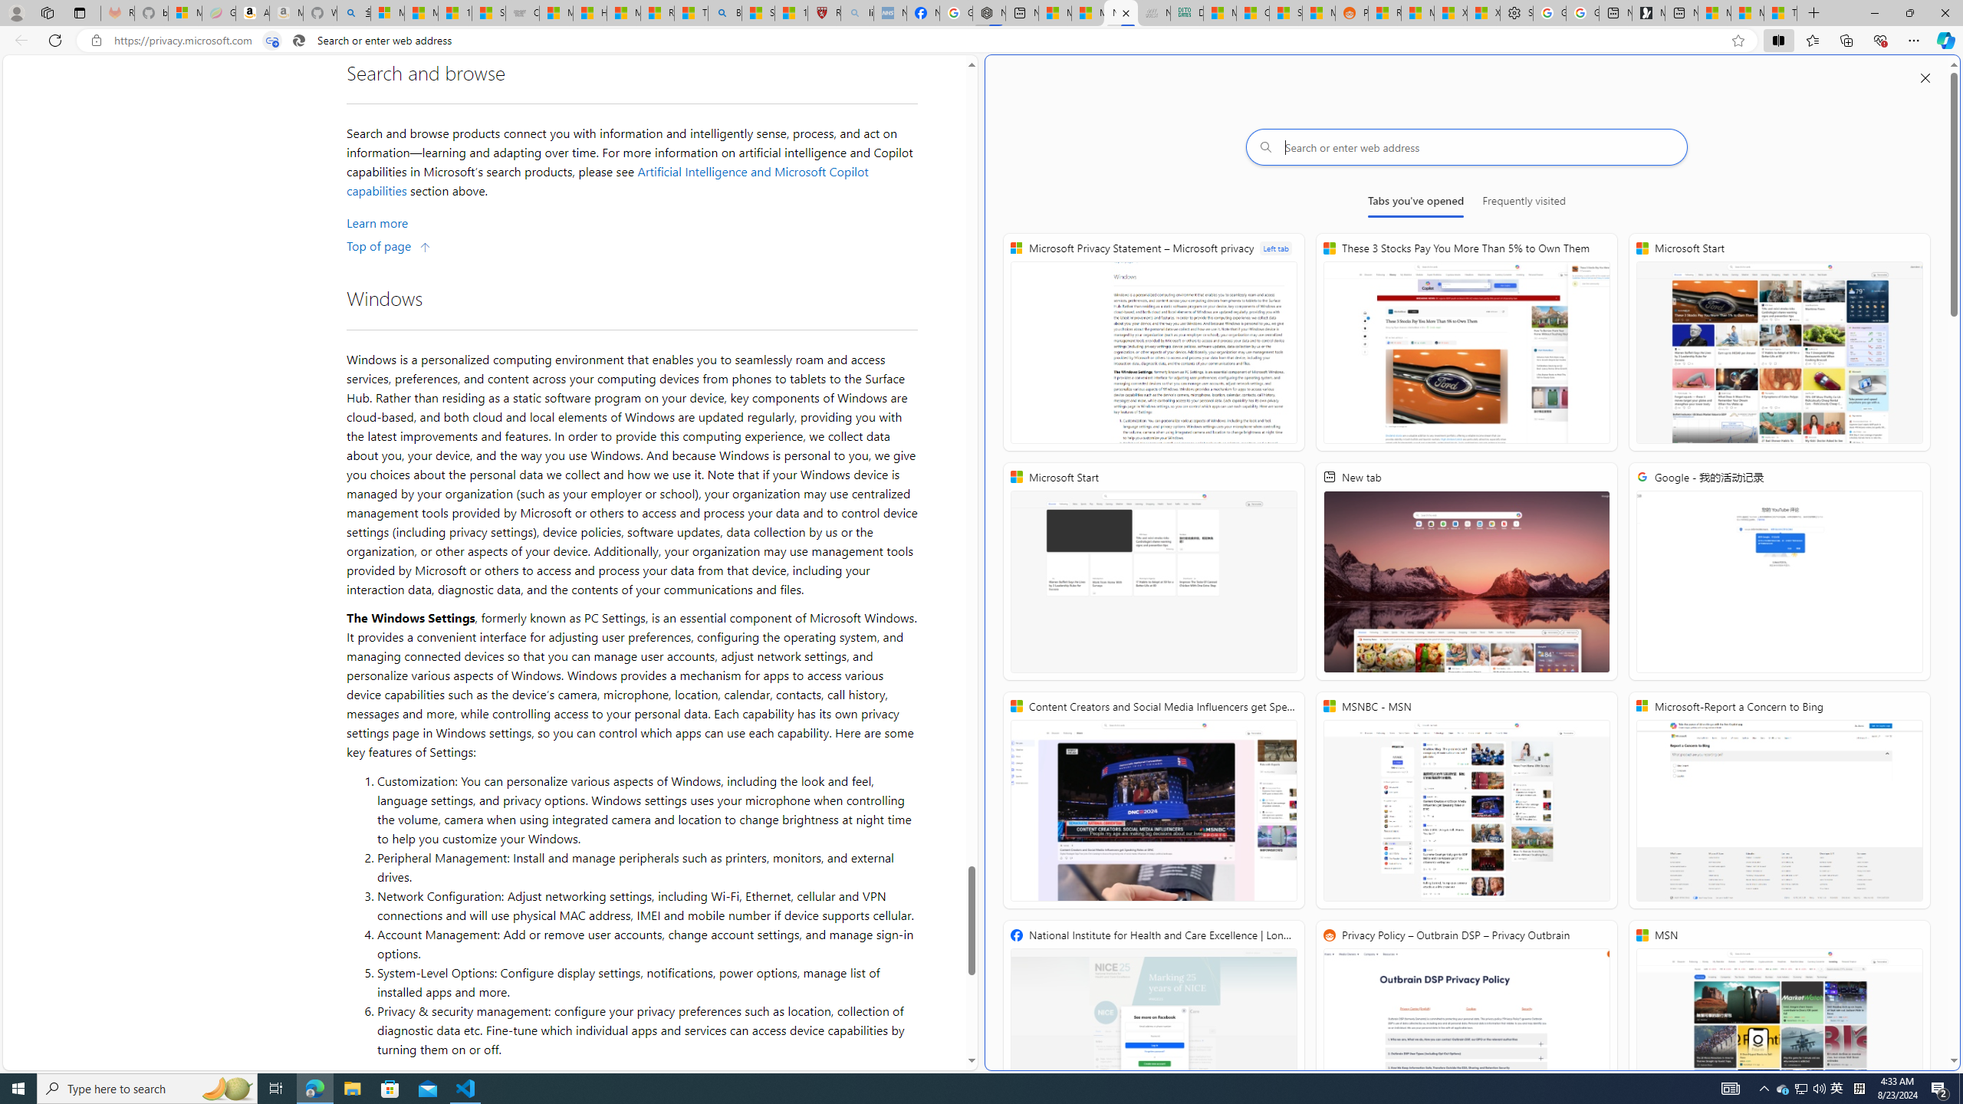 The width and height of the screenshot is (1963, 1104). Describe the element at coordinates (656, 12) in the screenshot. I see `'Recipes - MSN'` at that location.